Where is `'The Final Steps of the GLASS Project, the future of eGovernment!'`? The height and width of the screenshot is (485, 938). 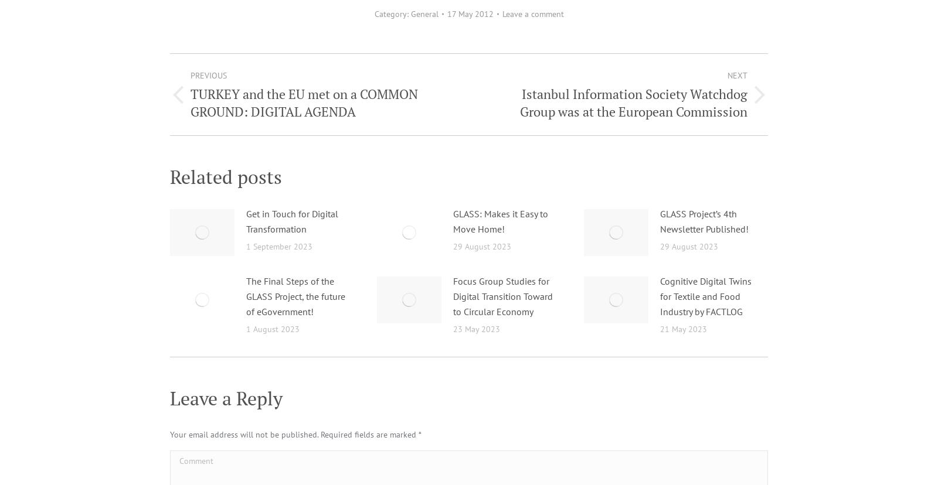
'The Final Steps of the GLASS Project, the future of eGovernment!' is located at coordinates (246, 296).